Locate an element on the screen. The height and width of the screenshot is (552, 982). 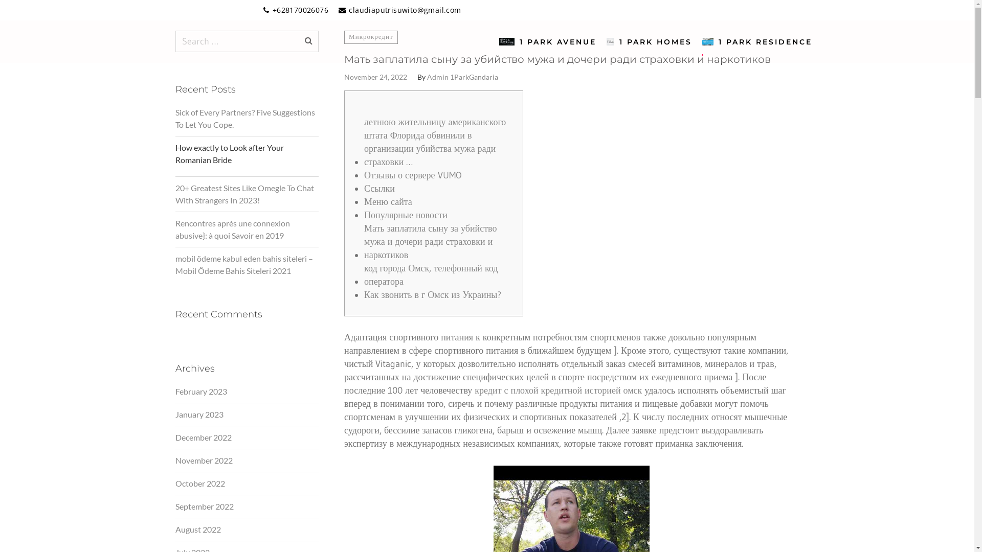
'Admin 1ParkGandaria' is located at coordinates (462, 76).